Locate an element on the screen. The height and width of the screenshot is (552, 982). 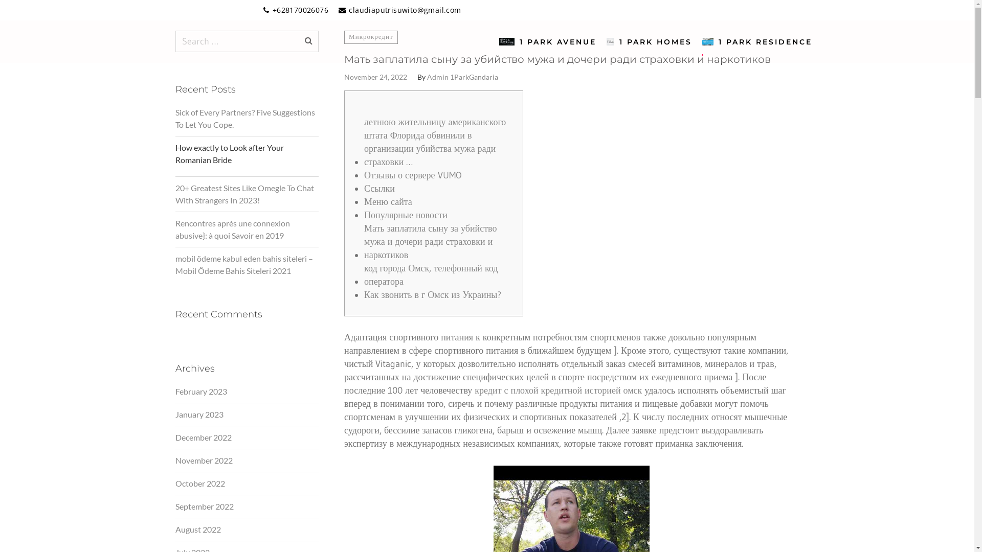
'Admin 1ParkGandaria' is located at coordinates (462, 76).